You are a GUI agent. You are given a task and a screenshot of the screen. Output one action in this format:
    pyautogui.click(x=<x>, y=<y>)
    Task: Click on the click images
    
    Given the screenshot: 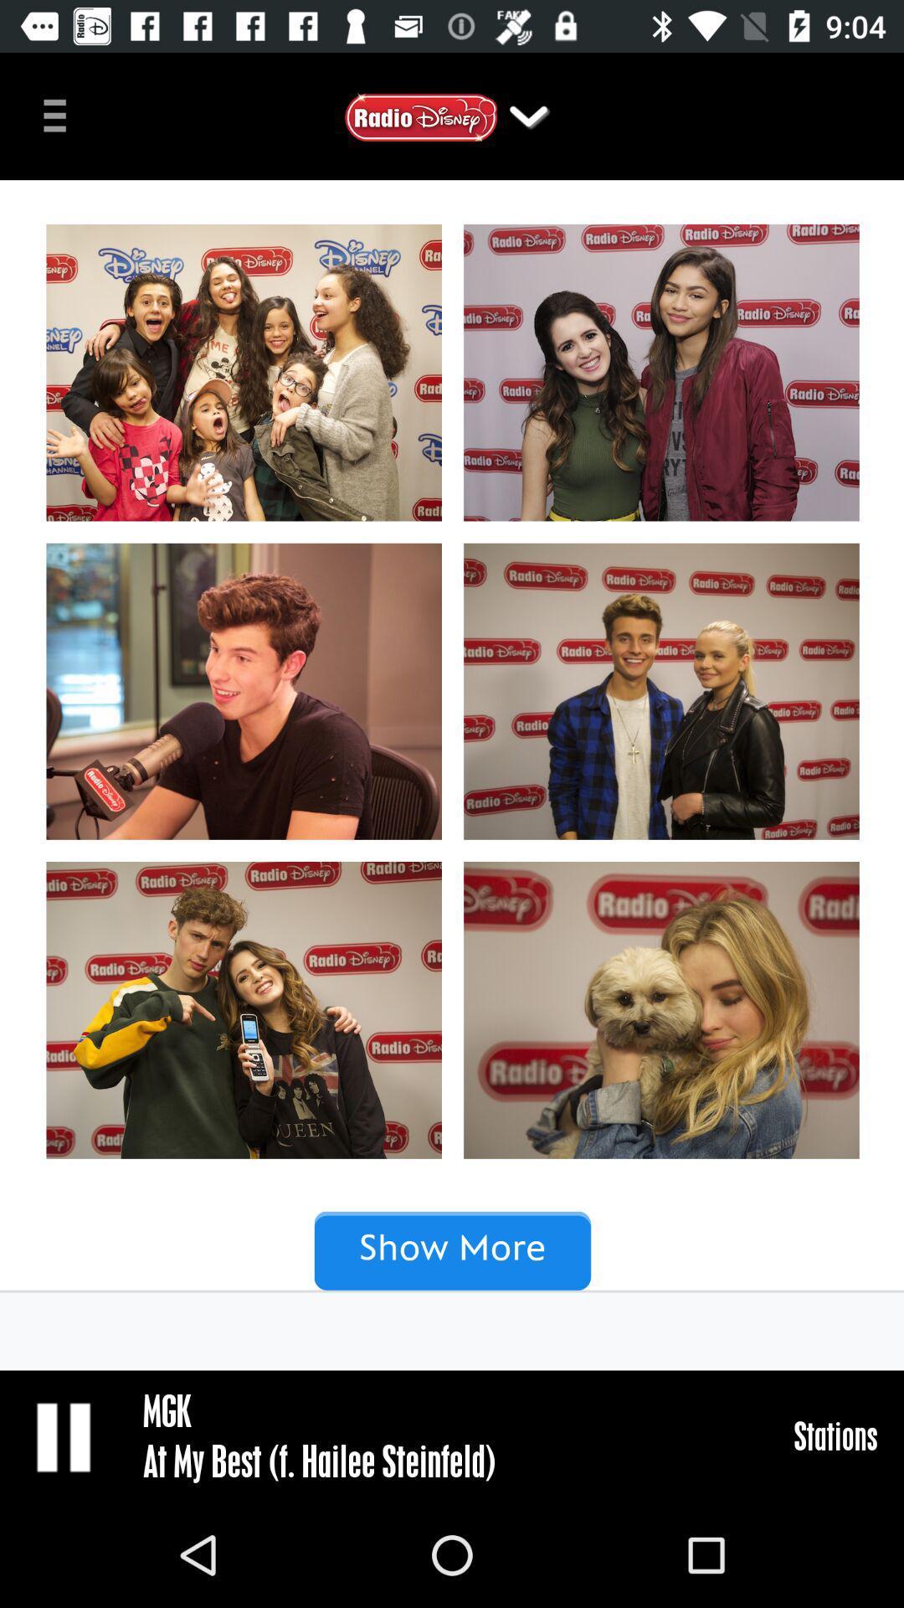 What is the action you would take?
    pyautogui.click(x=452, y=774)
    